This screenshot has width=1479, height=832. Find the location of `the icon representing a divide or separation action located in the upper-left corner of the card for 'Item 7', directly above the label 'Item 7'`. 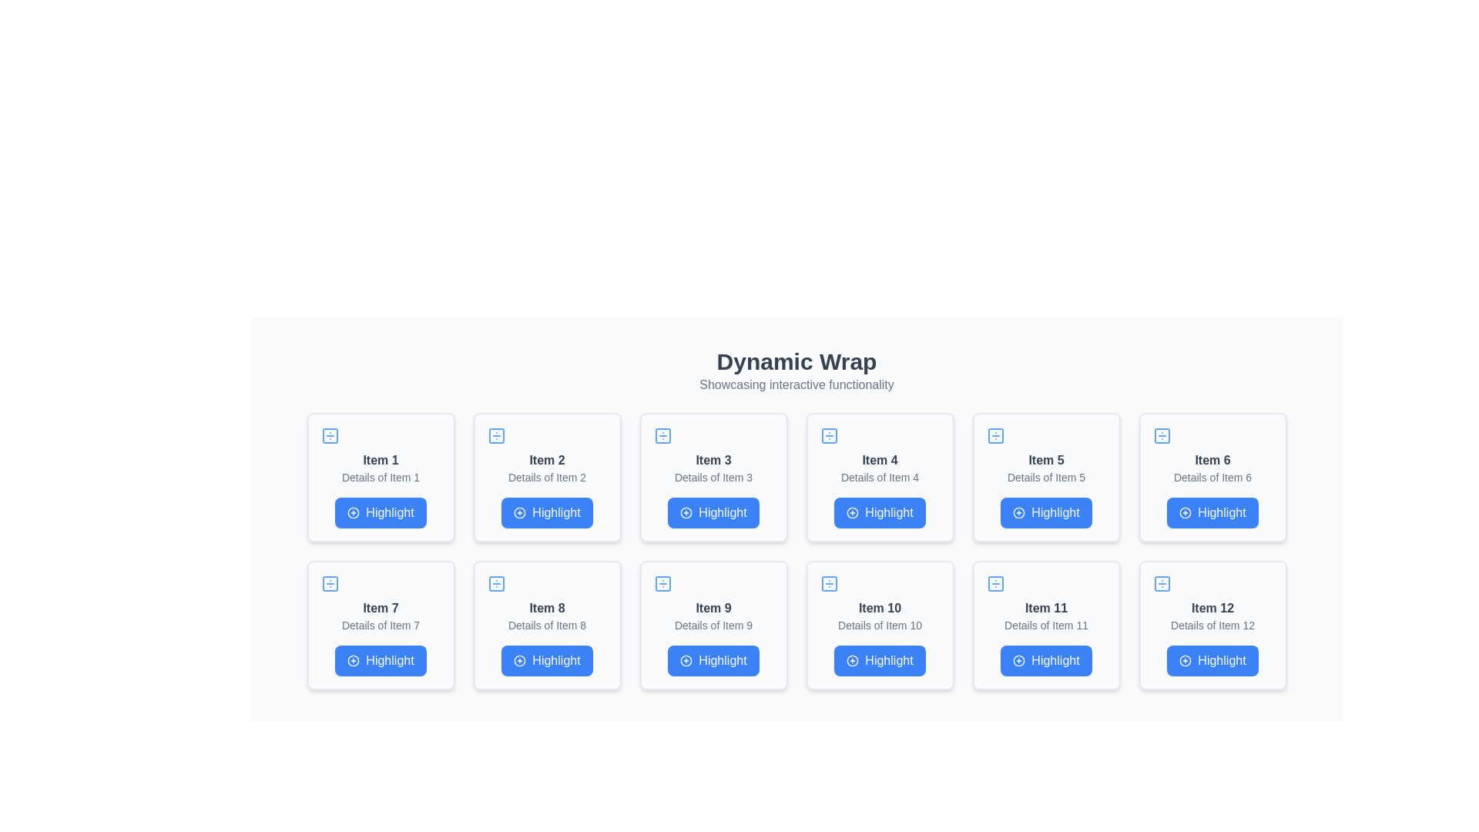

the icon representing a divide or separation action located in the upper-left corner of the card for 'Item 7', directly above the label 'Item 7' is located at coordinates (329, 584).